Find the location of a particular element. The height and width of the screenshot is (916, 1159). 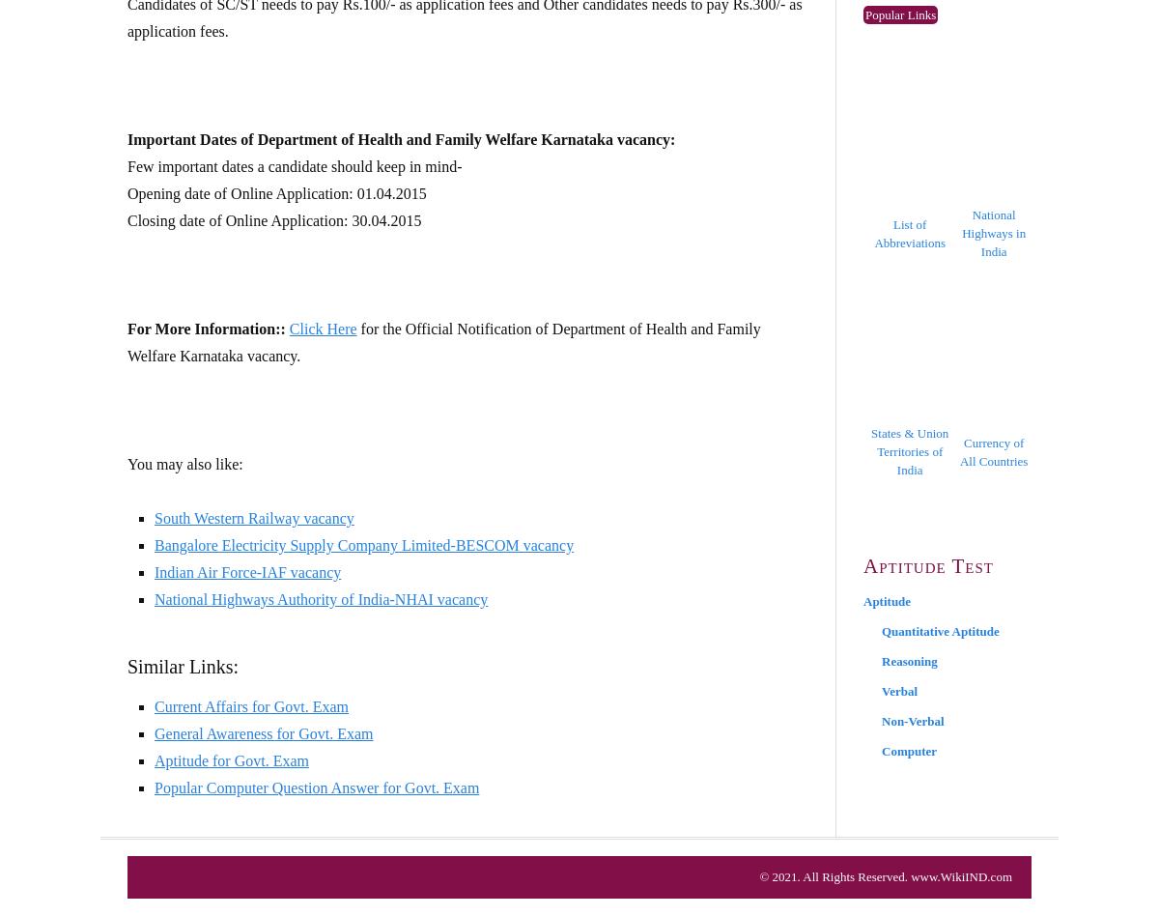

'© 2021. All Rights Reserved. www.WikiIND.com' is located at coordinates (886, 875).